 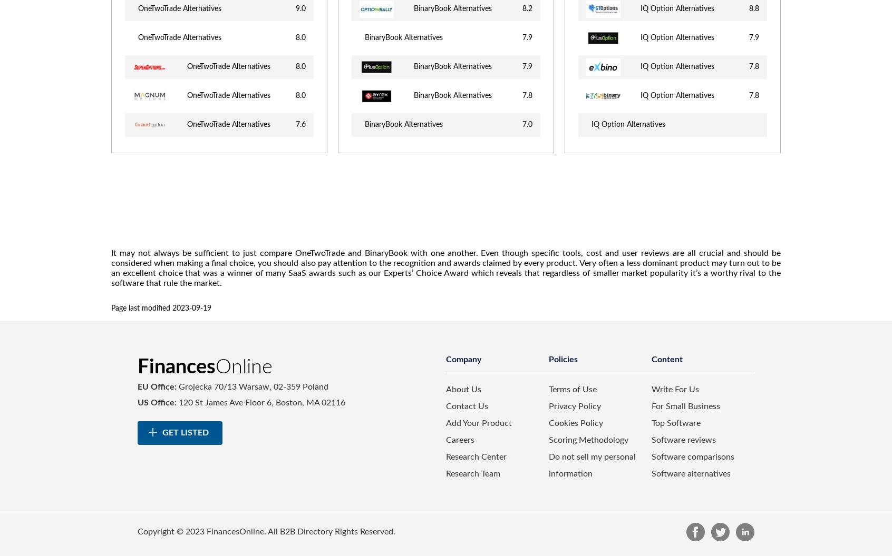 I want to click on 'Write For Us', so click(x=674, y=389).